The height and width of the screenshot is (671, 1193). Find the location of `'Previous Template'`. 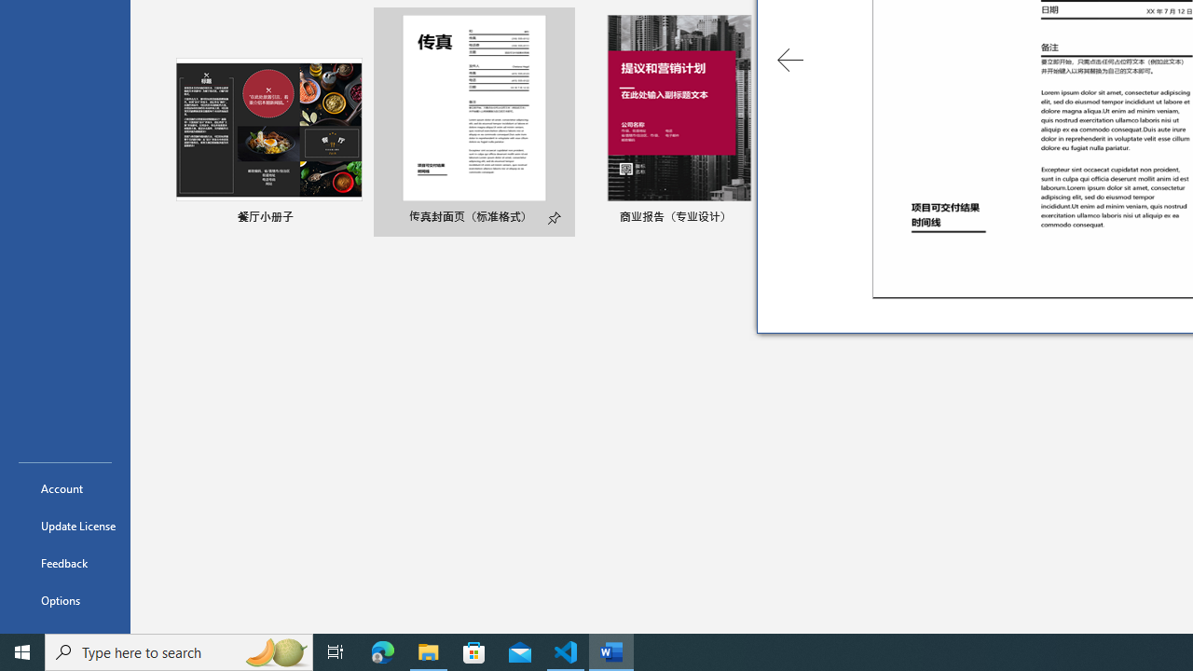

'Previous Template' is located at coordinates (790, 59).